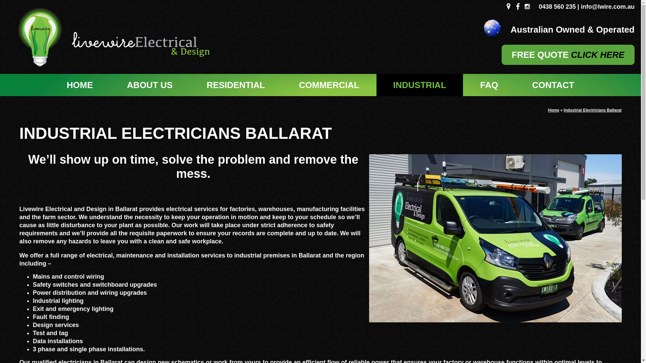 This screenshot has width=646, height=363. What do you see at coordinates (517, 6) in the screenshot?
I see `'Follow us on Facebook'` at bounding box center [517, 6].